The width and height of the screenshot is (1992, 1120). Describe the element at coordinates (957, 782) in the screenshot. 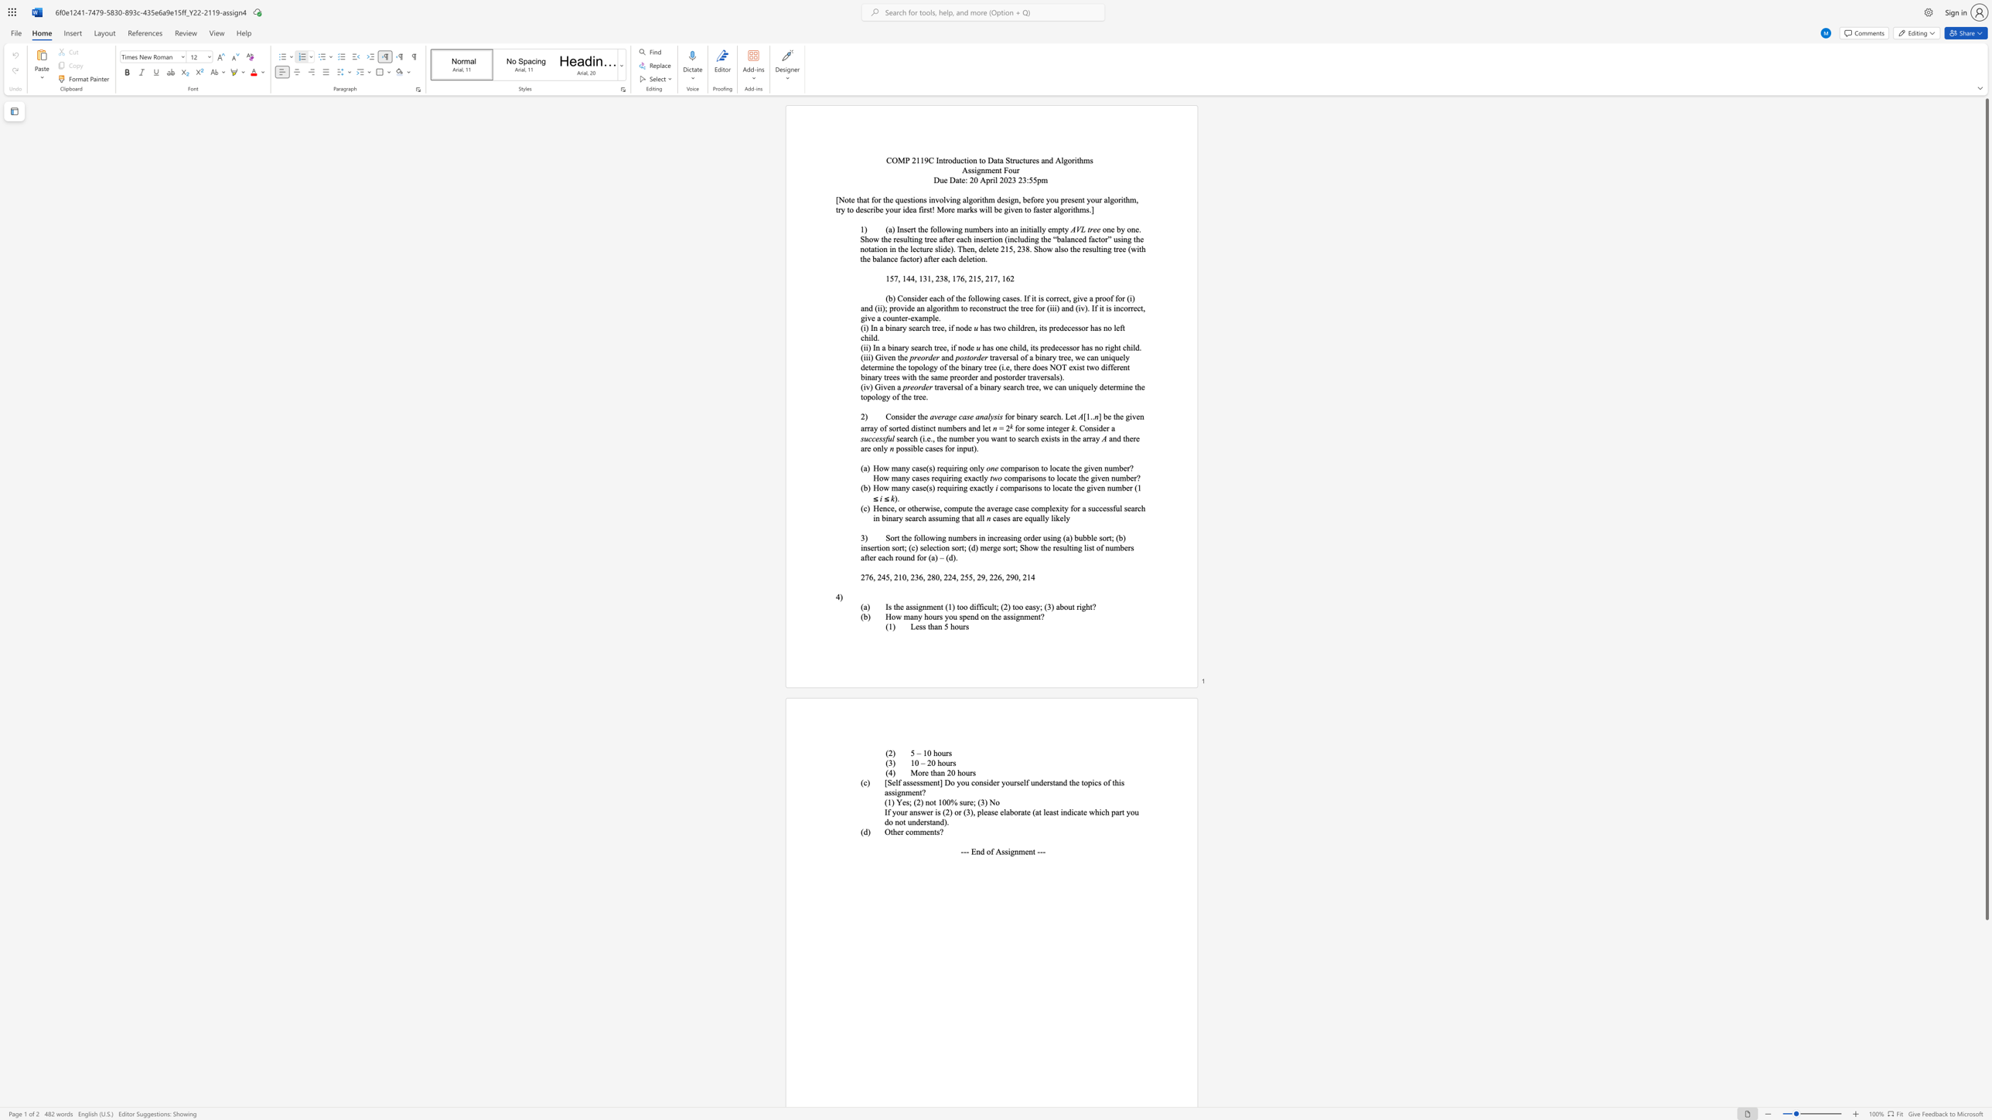

I see `the 1th character "y" in the text` at that location.